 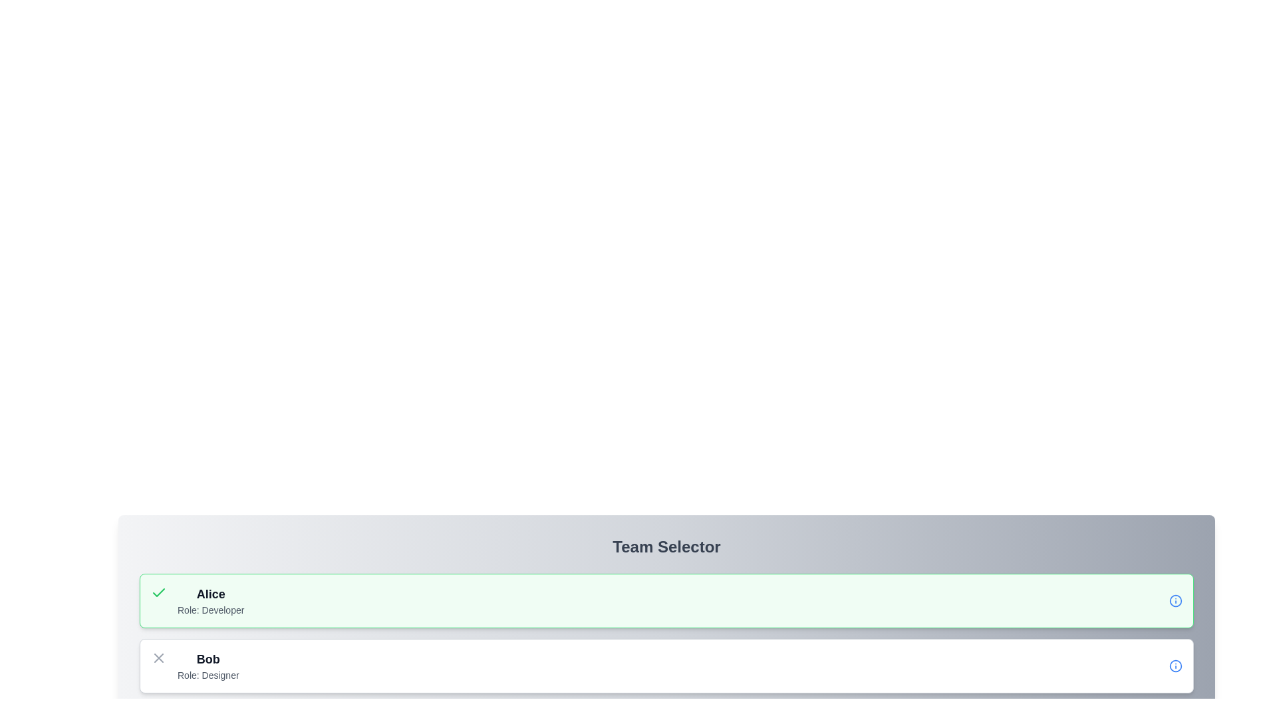 I want to click on the Information Icon located at the far right of the card for 'Bob - Role: Designer', so click(x=1175, y=666).